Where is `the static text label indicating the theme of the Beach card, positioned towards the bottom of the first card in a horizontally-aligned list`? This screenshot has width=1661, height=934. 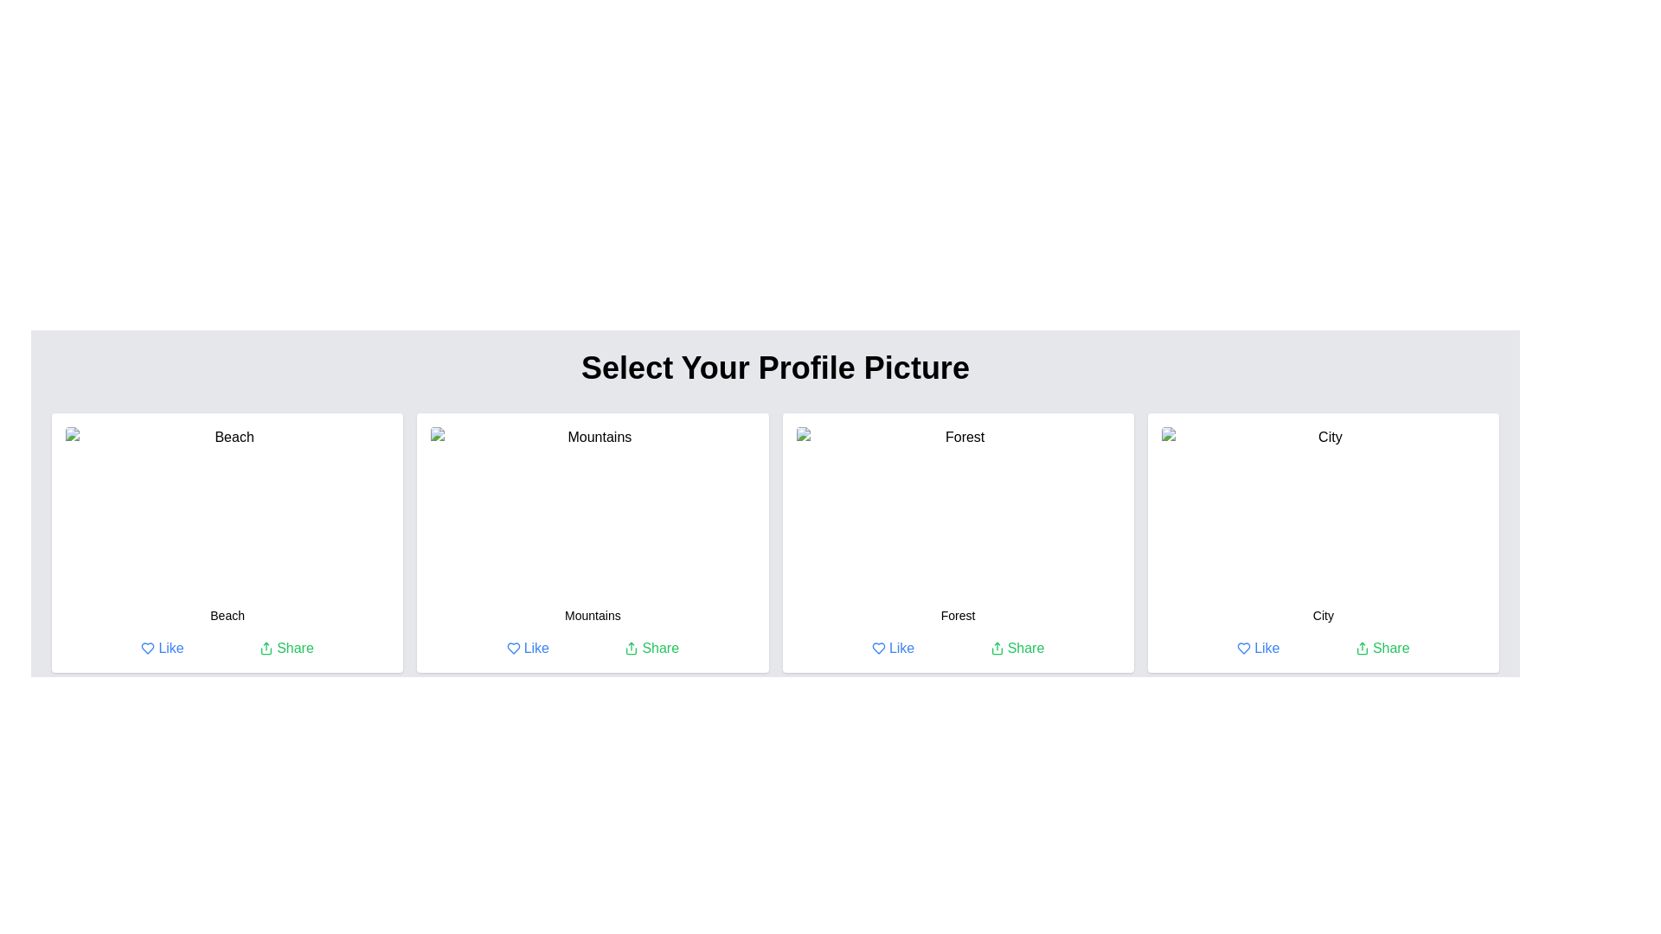
the static text label indicating the theme of the Beach card, positioned towards the bottom of the first card in a horizontally-aligned list is located at coordinates (227, 615).